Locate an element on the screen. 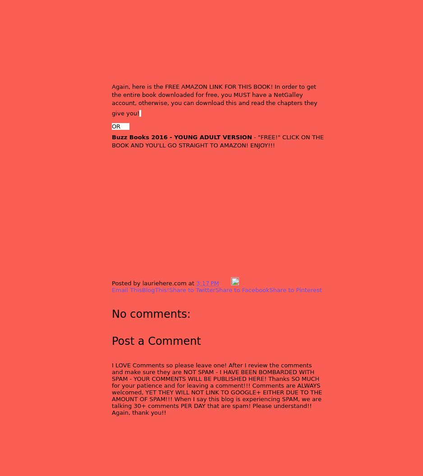 Image resolution: width=423 pixels, height=476 pixels. 'Email This' is located at coordinates (127, 289).